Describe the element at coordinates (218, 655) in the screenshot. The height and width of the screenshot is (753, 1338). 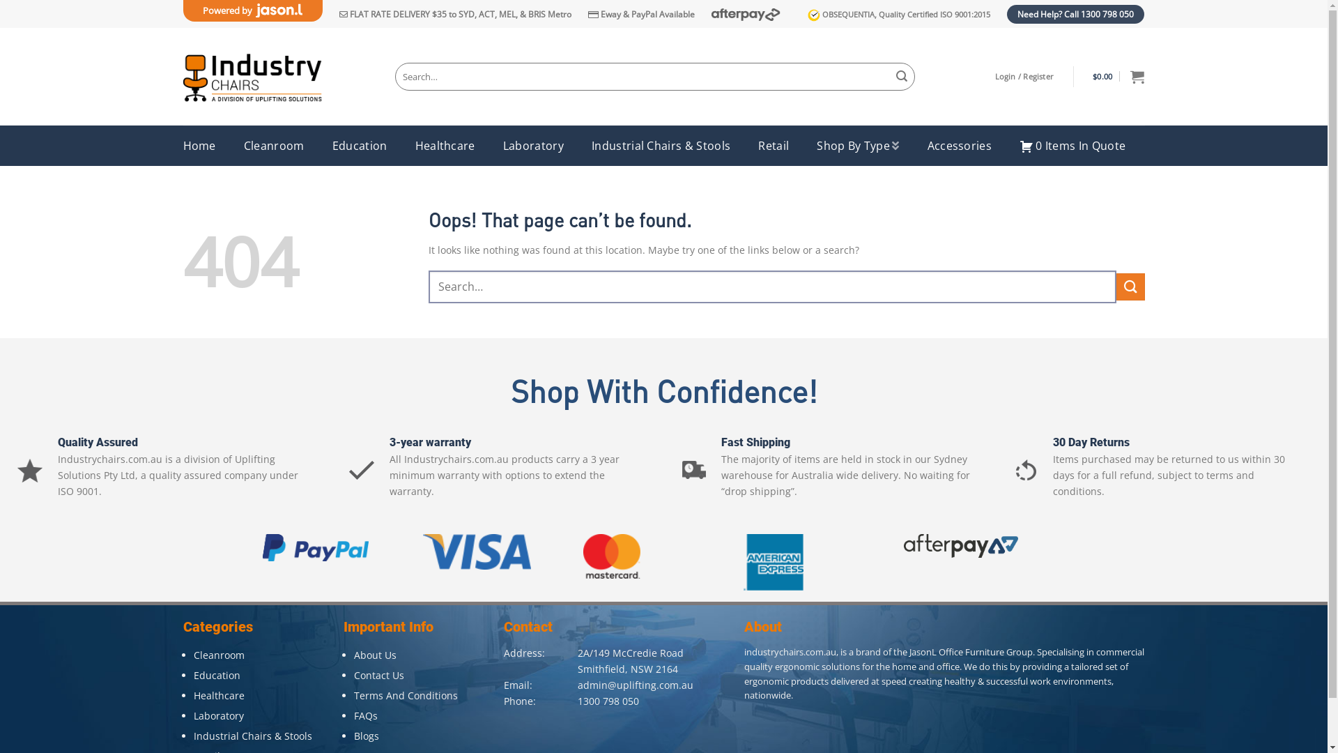
I see `'Cleanroom'` at that location.